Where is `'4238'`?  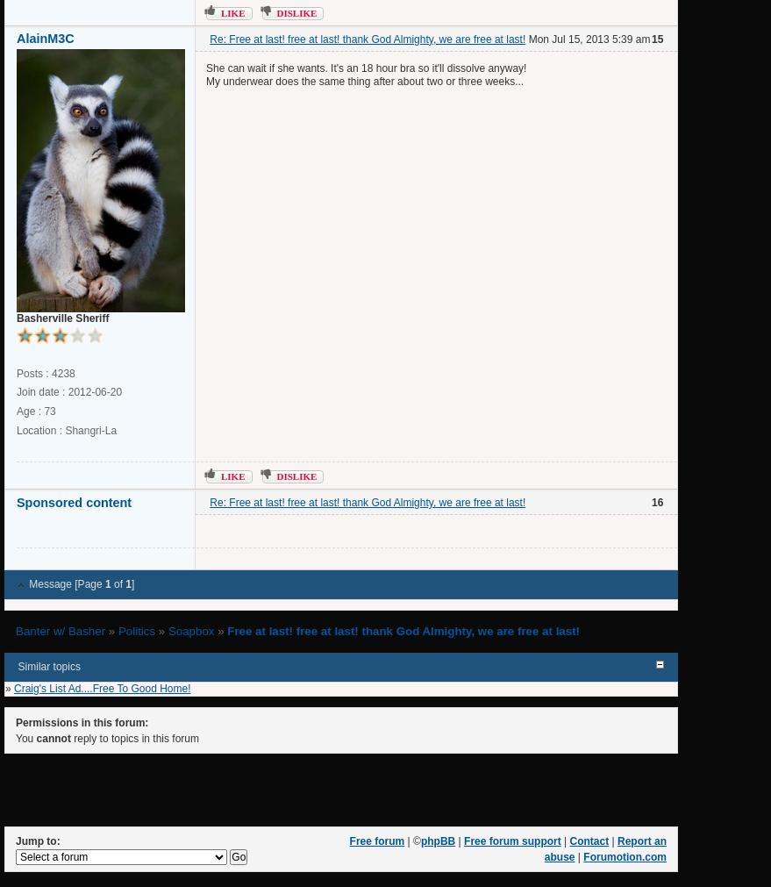 '4238' is located at coordinates (62, 372).